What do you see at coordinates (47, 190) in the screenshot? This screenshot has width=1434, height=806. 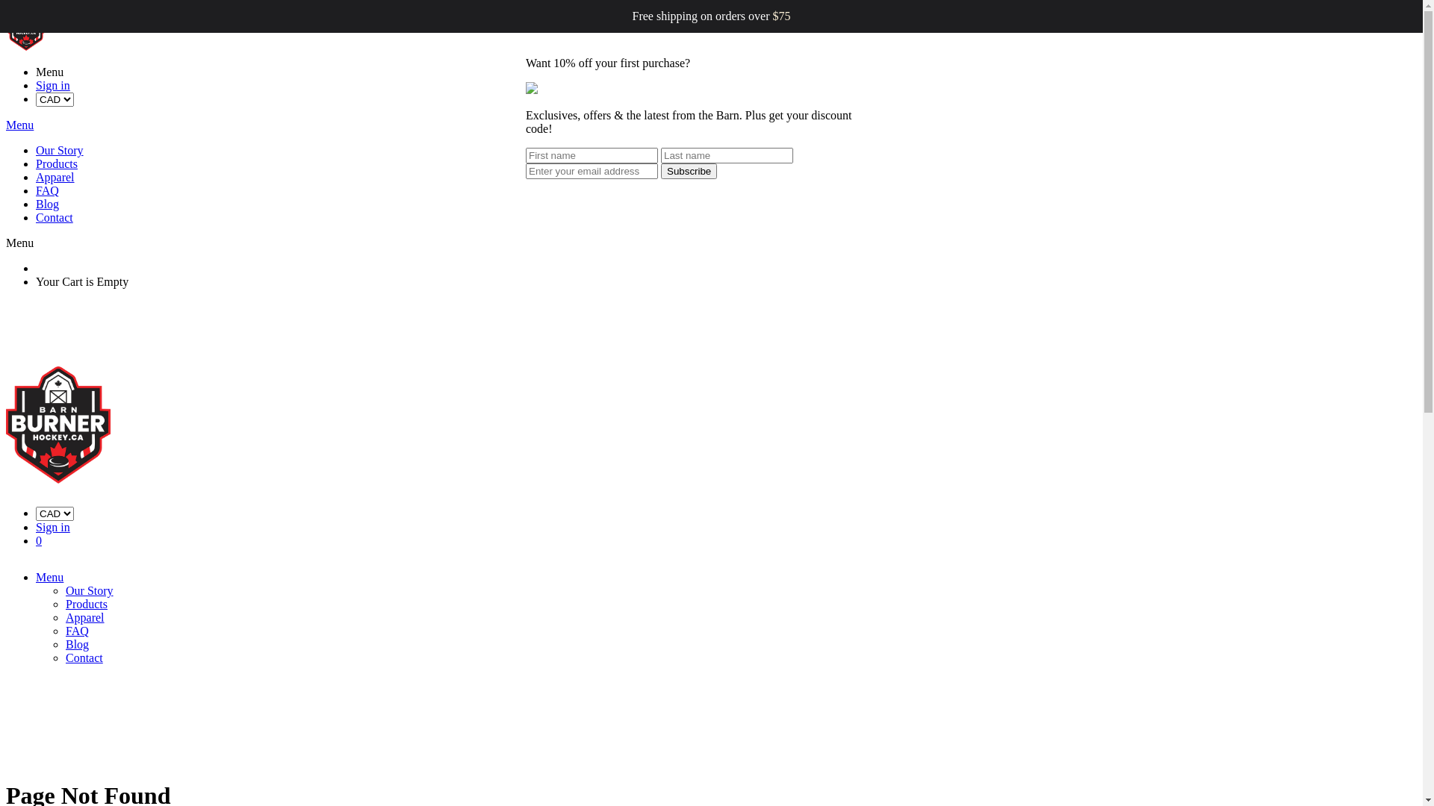 I see `'FAQ'` at bounding box center [47, 190].